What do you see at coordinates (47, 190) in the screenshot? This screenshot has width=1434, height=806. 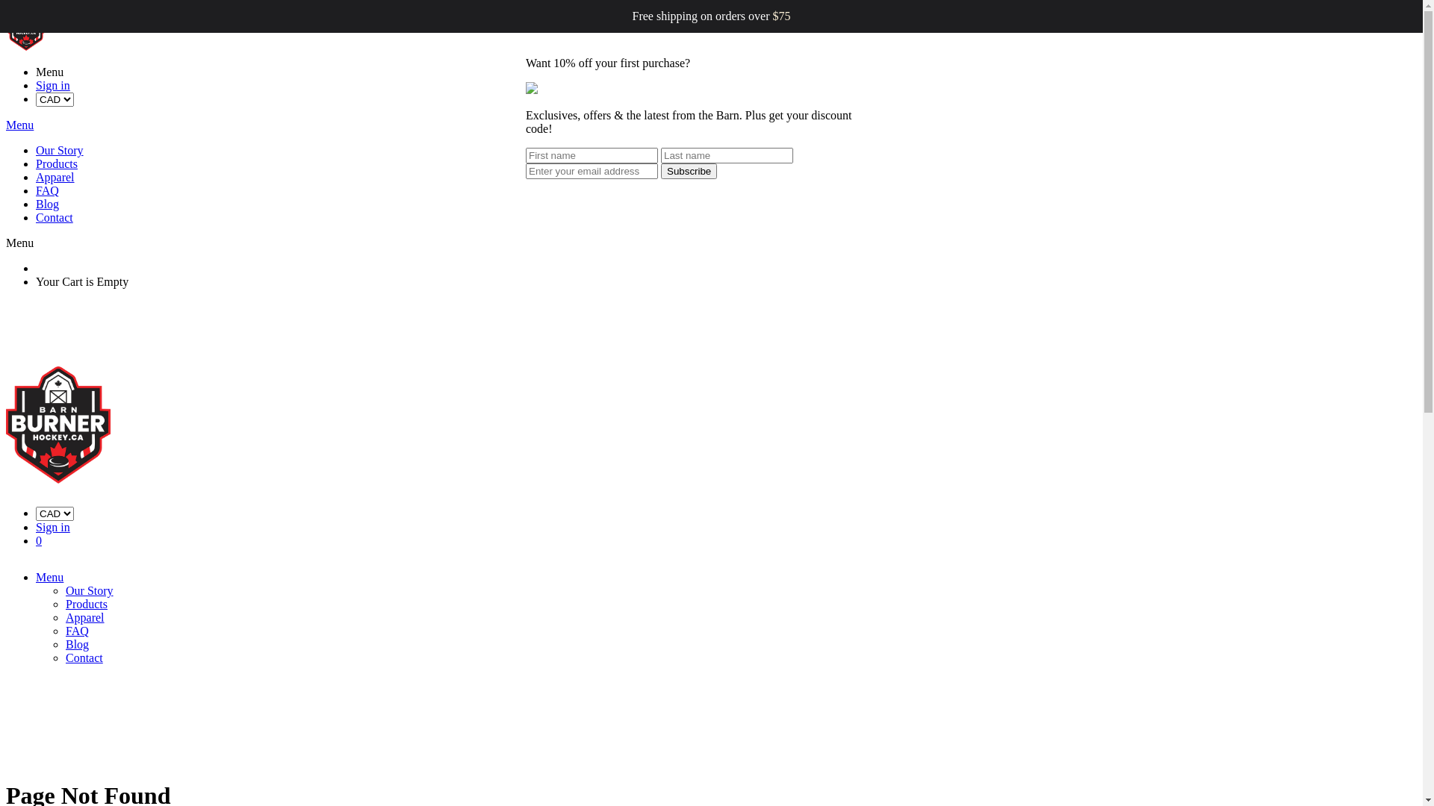 I see `'FAQ'` at bounding box center [47, 190].